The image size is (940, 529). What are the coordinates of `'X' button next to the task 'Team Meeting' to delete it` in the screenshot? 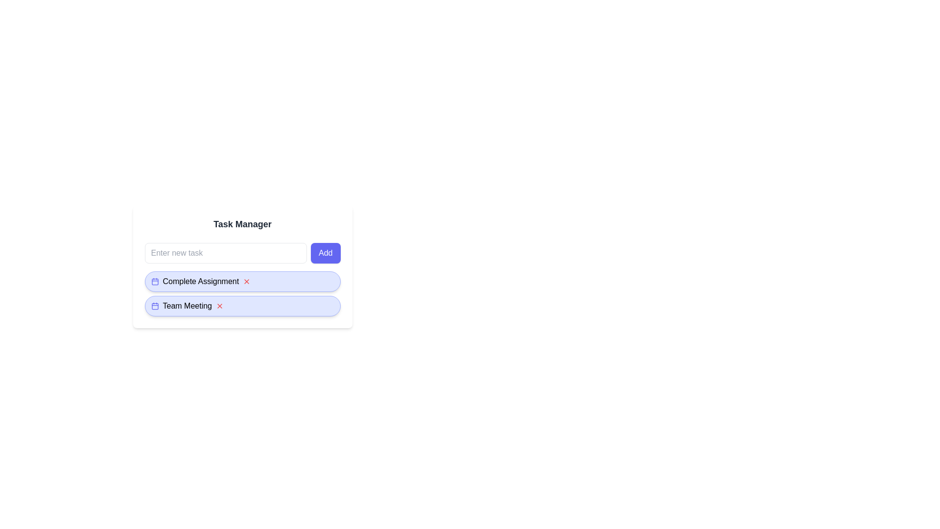 It's located at (219, 305).